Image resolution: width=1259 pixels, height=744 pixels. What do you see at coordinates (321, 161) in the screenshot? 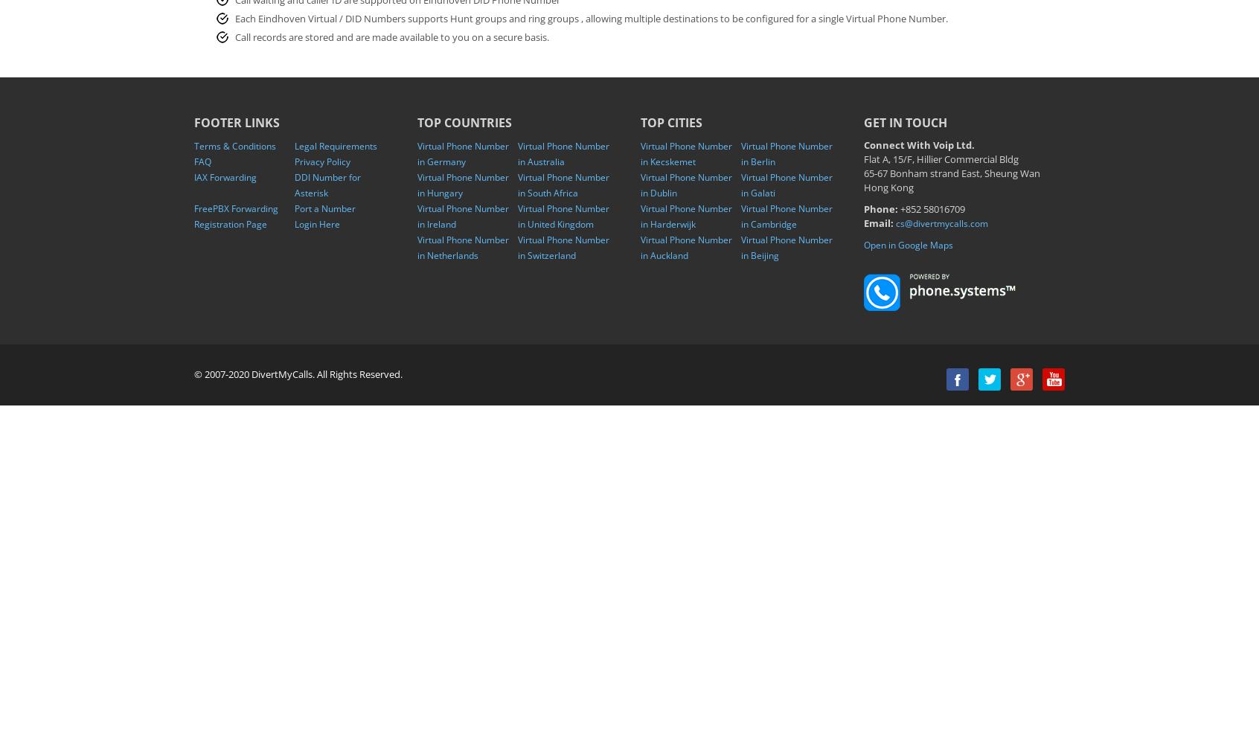
I see `'Privacy Policy'` at bounding box center [321, 161].